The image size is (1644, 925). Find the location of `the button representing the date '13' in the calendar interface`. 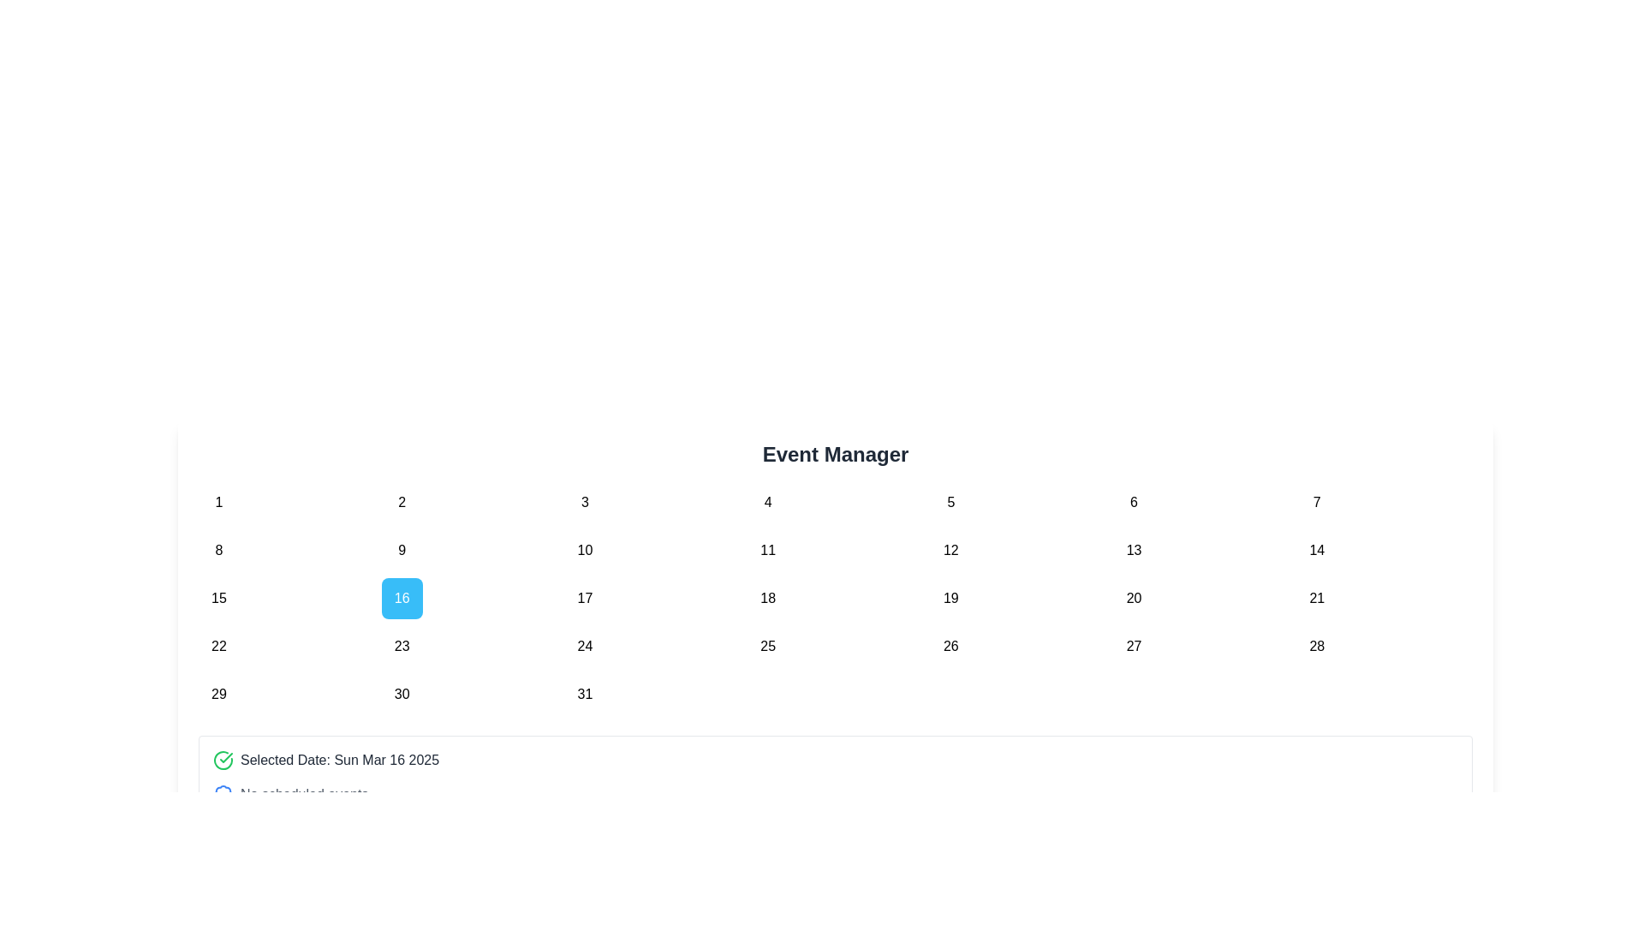

the button representing the date '13' in the calendar interface is located at coordinates (1134, 551).